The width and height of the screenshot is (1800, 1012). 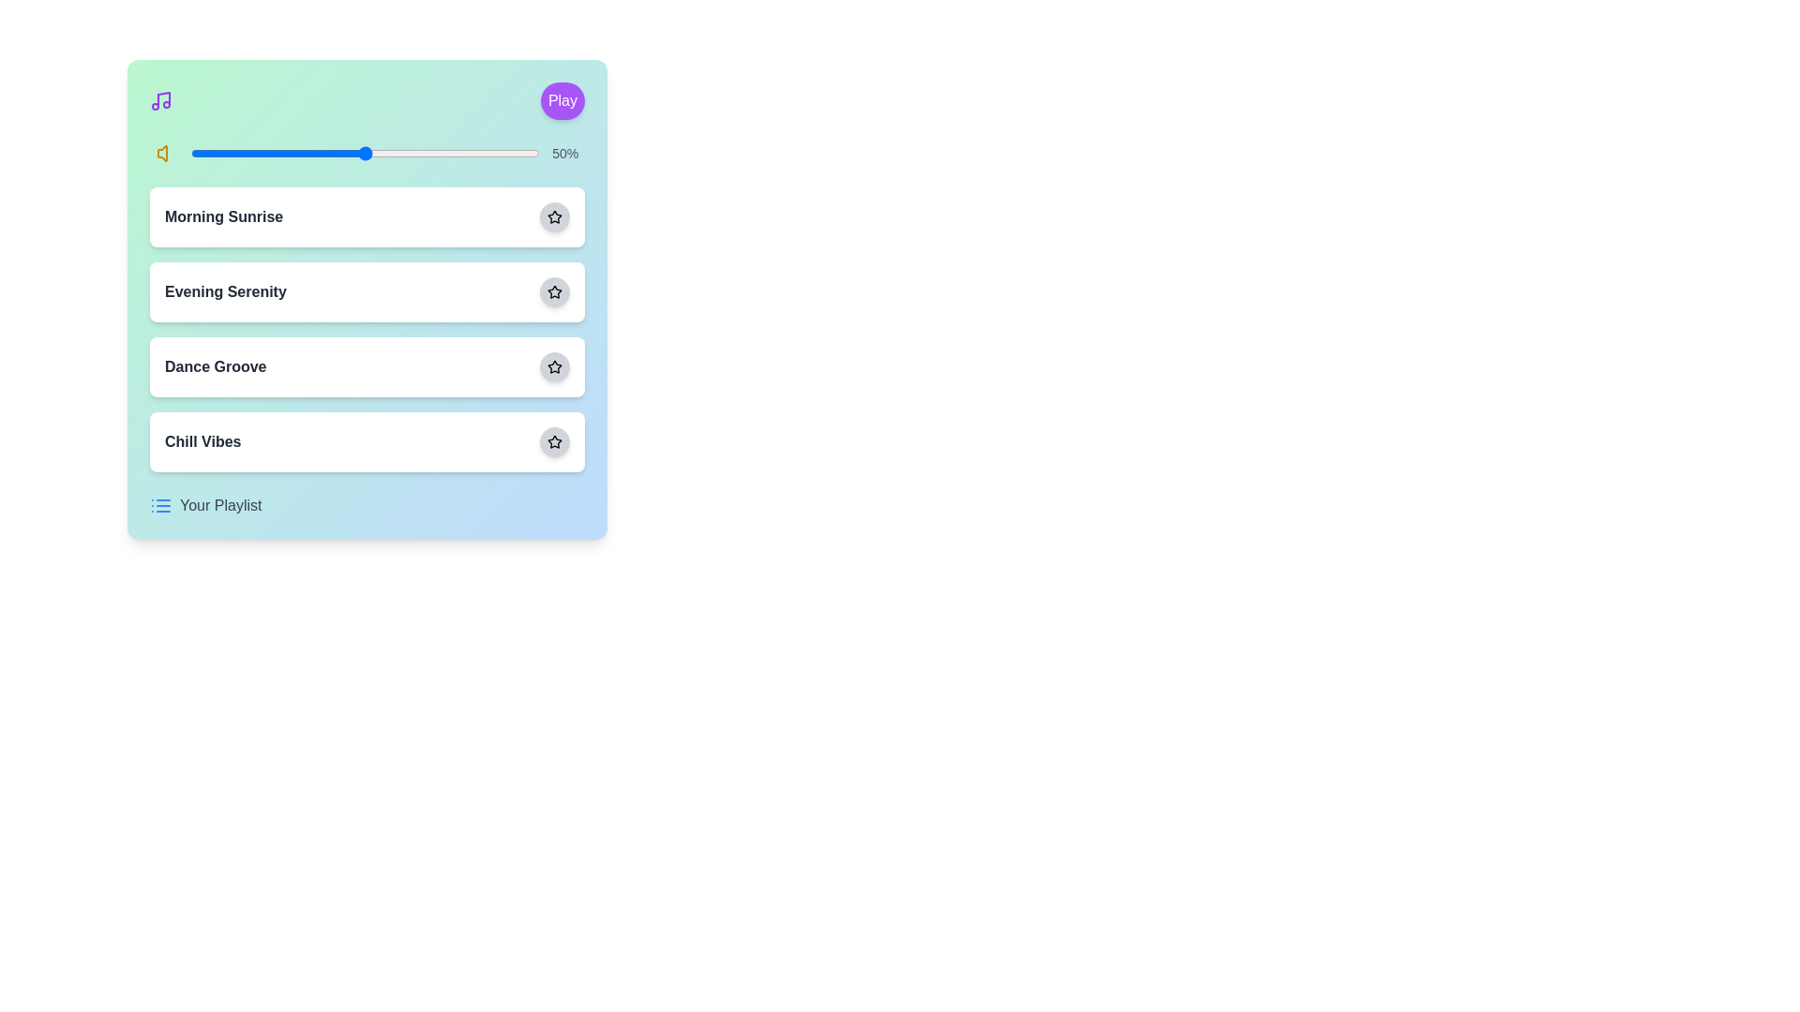 I want to click on the slider, so click(x=365, y=153).